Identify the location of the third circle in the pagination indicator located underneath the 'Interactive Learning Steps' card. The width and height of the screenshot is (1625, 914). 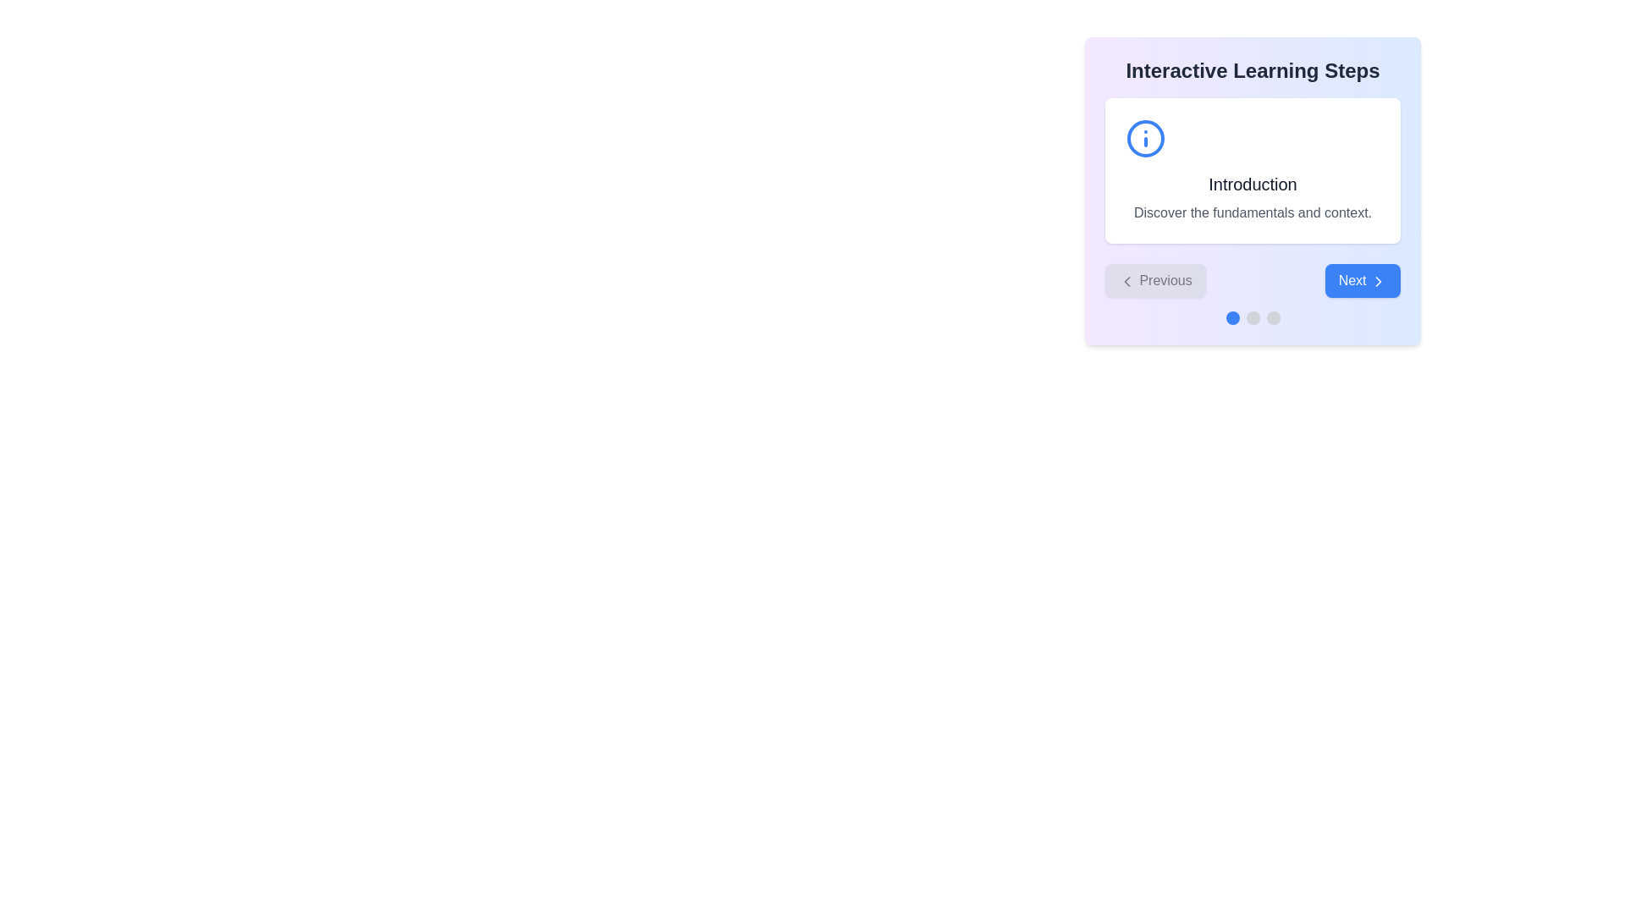
(1273, 317).